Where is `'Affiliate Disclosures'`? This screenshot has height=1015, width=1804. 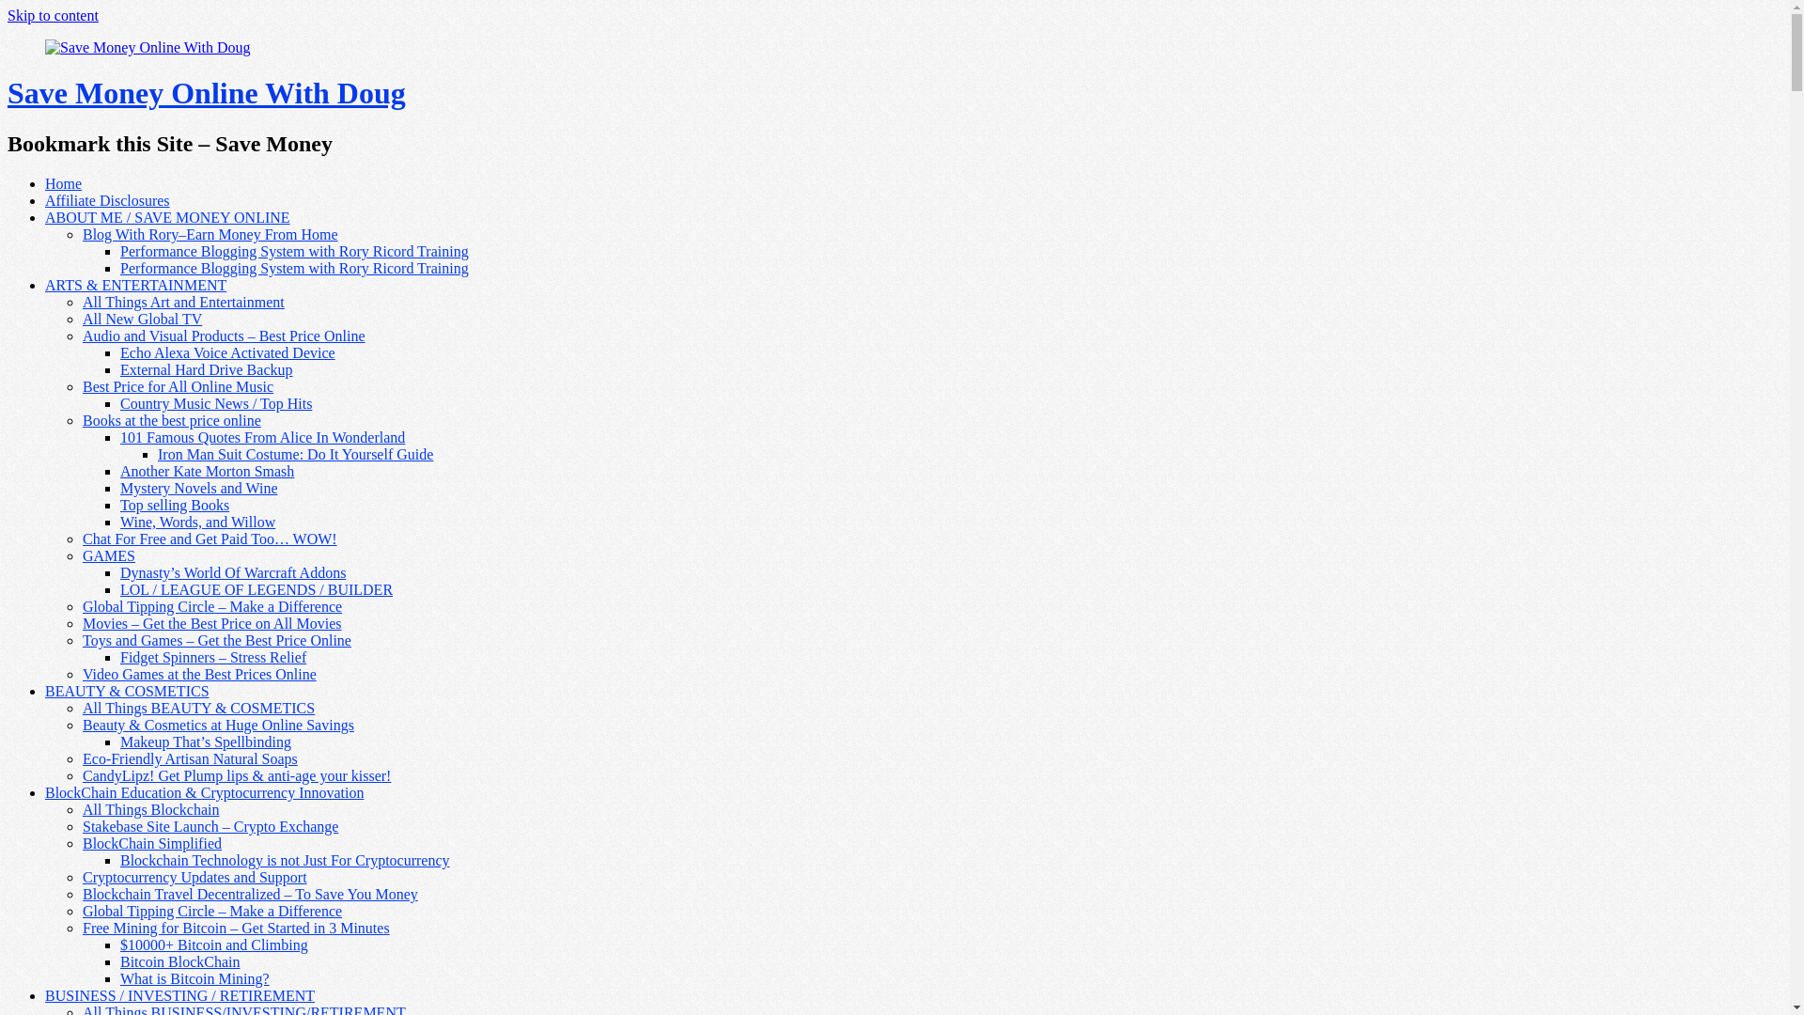 'Affiliate Disclosures' is located at coordinates (106, 200).